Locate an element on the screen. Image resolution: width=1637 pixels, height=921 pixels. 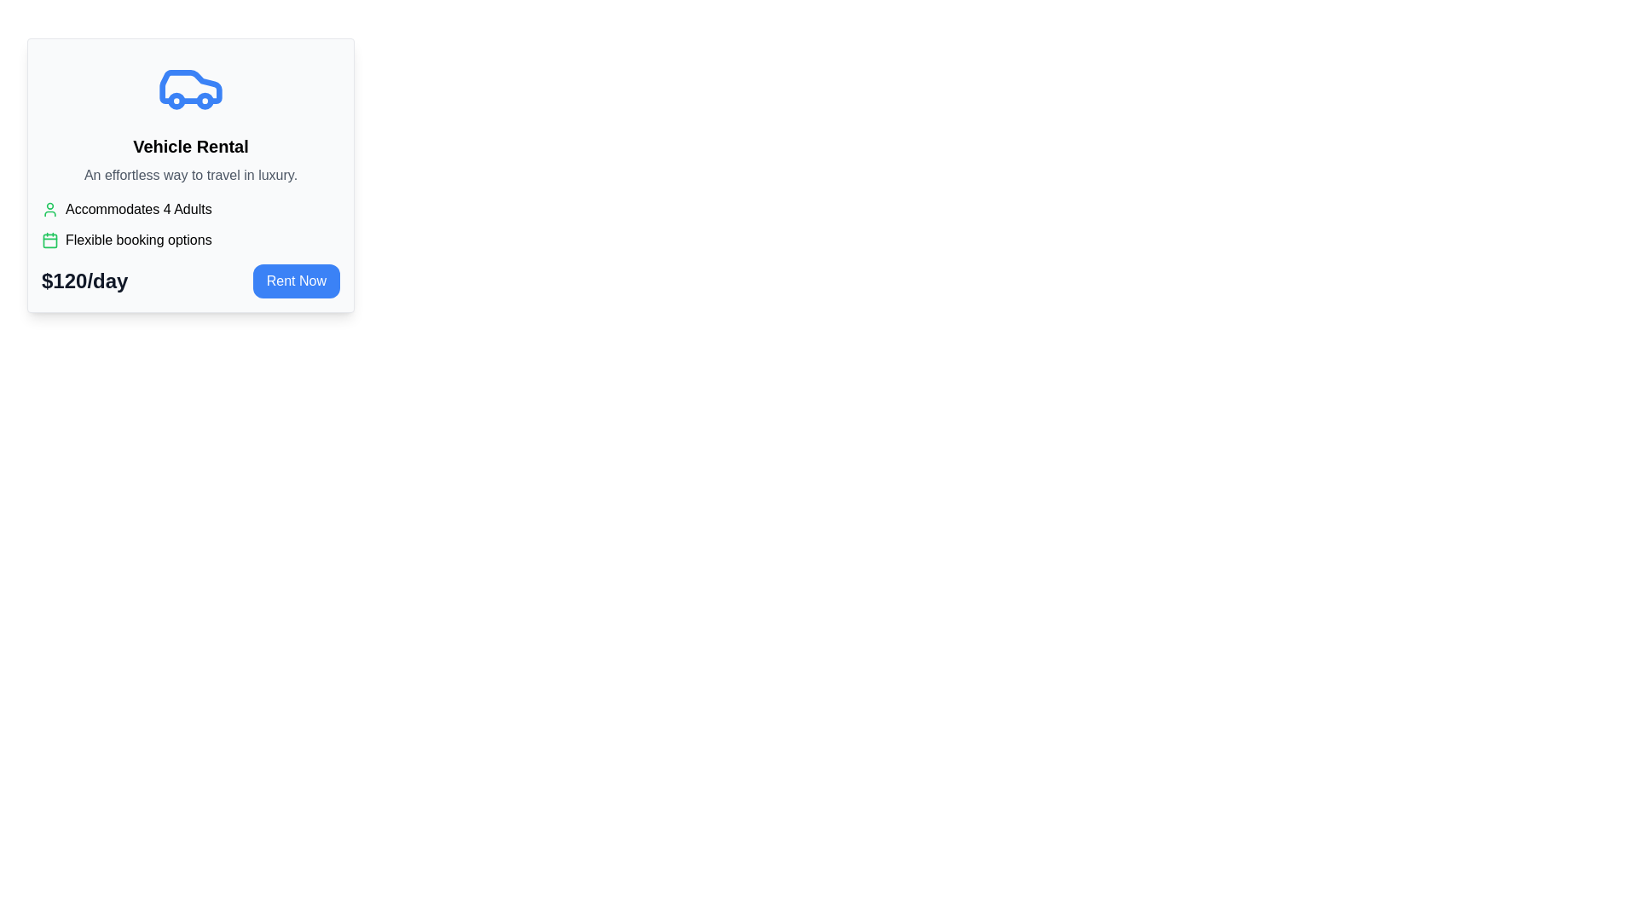
the informative text about flexible booking options for the vehicle rental, located below 'Accommodates 4 Adults' and above the pricing information '$120/day' is located at coordinates (191, 240).